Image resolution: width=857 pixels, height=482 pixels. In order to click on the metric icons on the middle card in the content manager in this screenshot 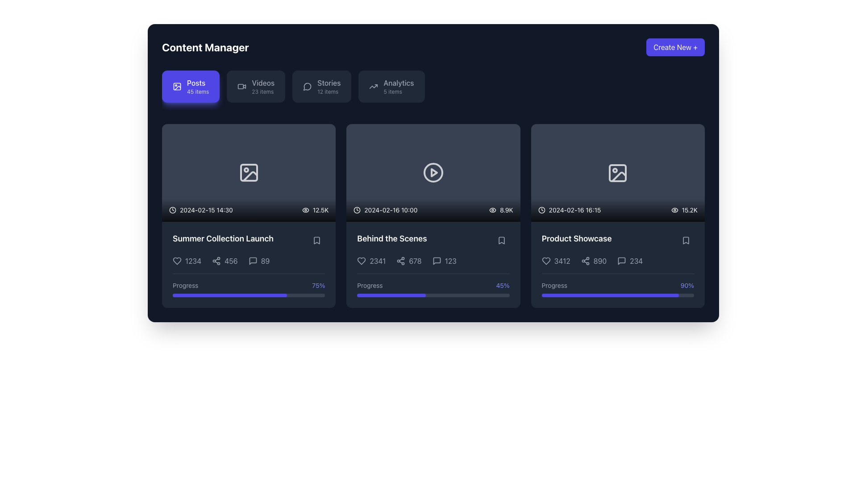, I will do `click(433, 216)`.